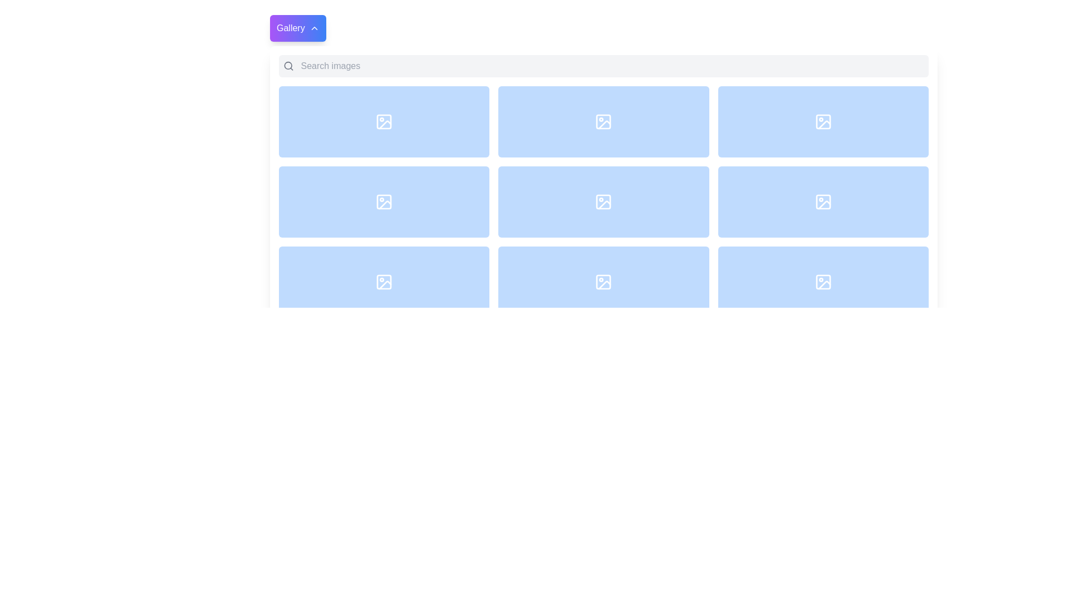 Image resolution: width=1069 pixels, height=601 pixels. What do you see at coordinates (384, 281) in the screenshot?
I see `the image-related button located in the bottom row's first column of the 3x3 grid layout` at bounding box center [384, 281].